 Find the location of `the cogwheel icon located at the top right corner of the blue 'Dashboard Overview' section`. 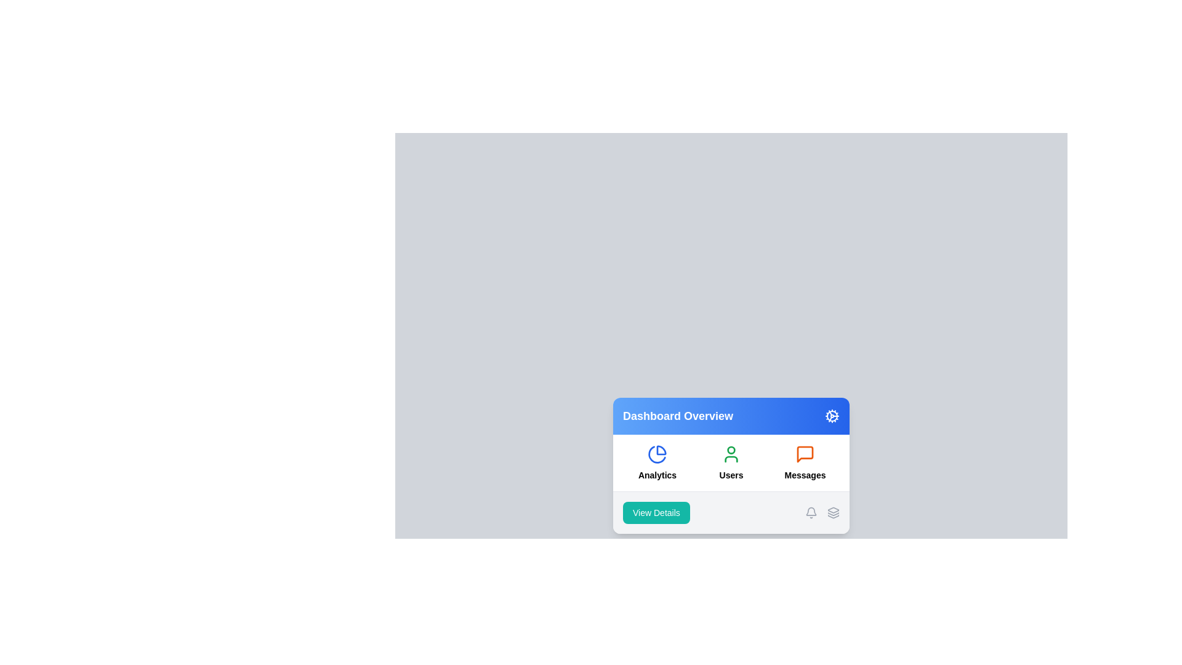

the cogwheel icon located at the top right corner of the blue 'Dashboard Overview' section is located at coordinates (832, 416).